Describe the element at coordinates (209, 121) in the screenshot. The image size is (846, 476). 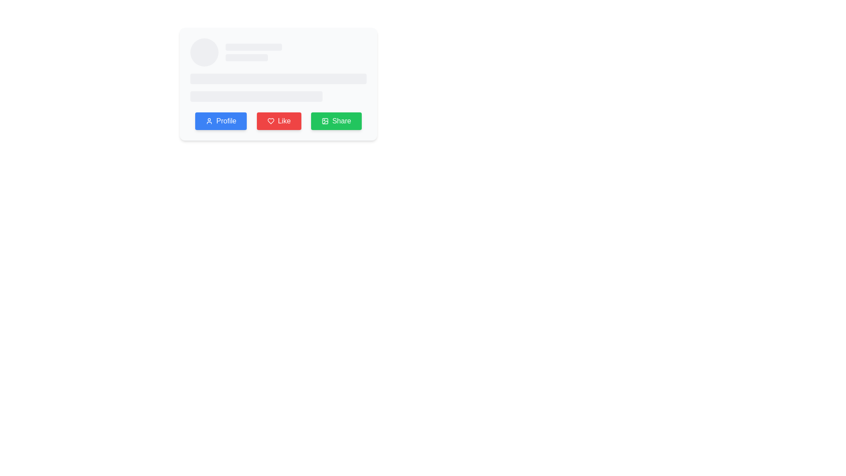
I see `the user profile icon within the blue 'Profile' button` at that location.